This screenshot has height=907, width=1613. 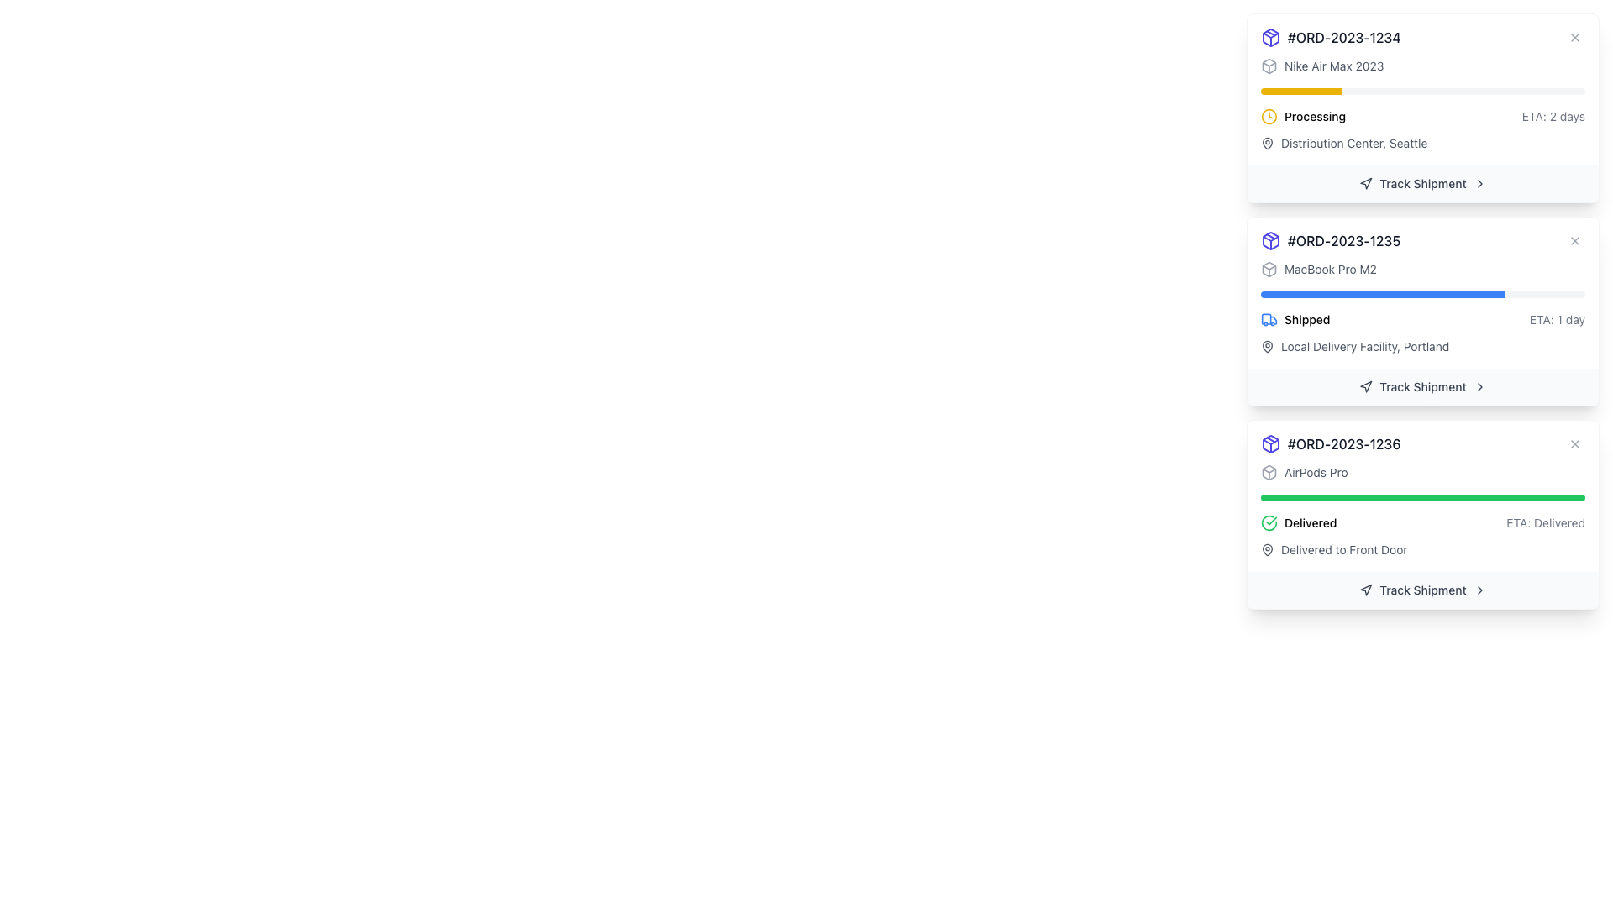 What do you see at coordinates (1365, 345) in the screenshot?
I see `the text element displaying 'Local Delivery Facility, Portland', which is located beneath the 'Shipped' status indicator and to the right of a pin-shaped icon` at bounding box center [1365, 345].